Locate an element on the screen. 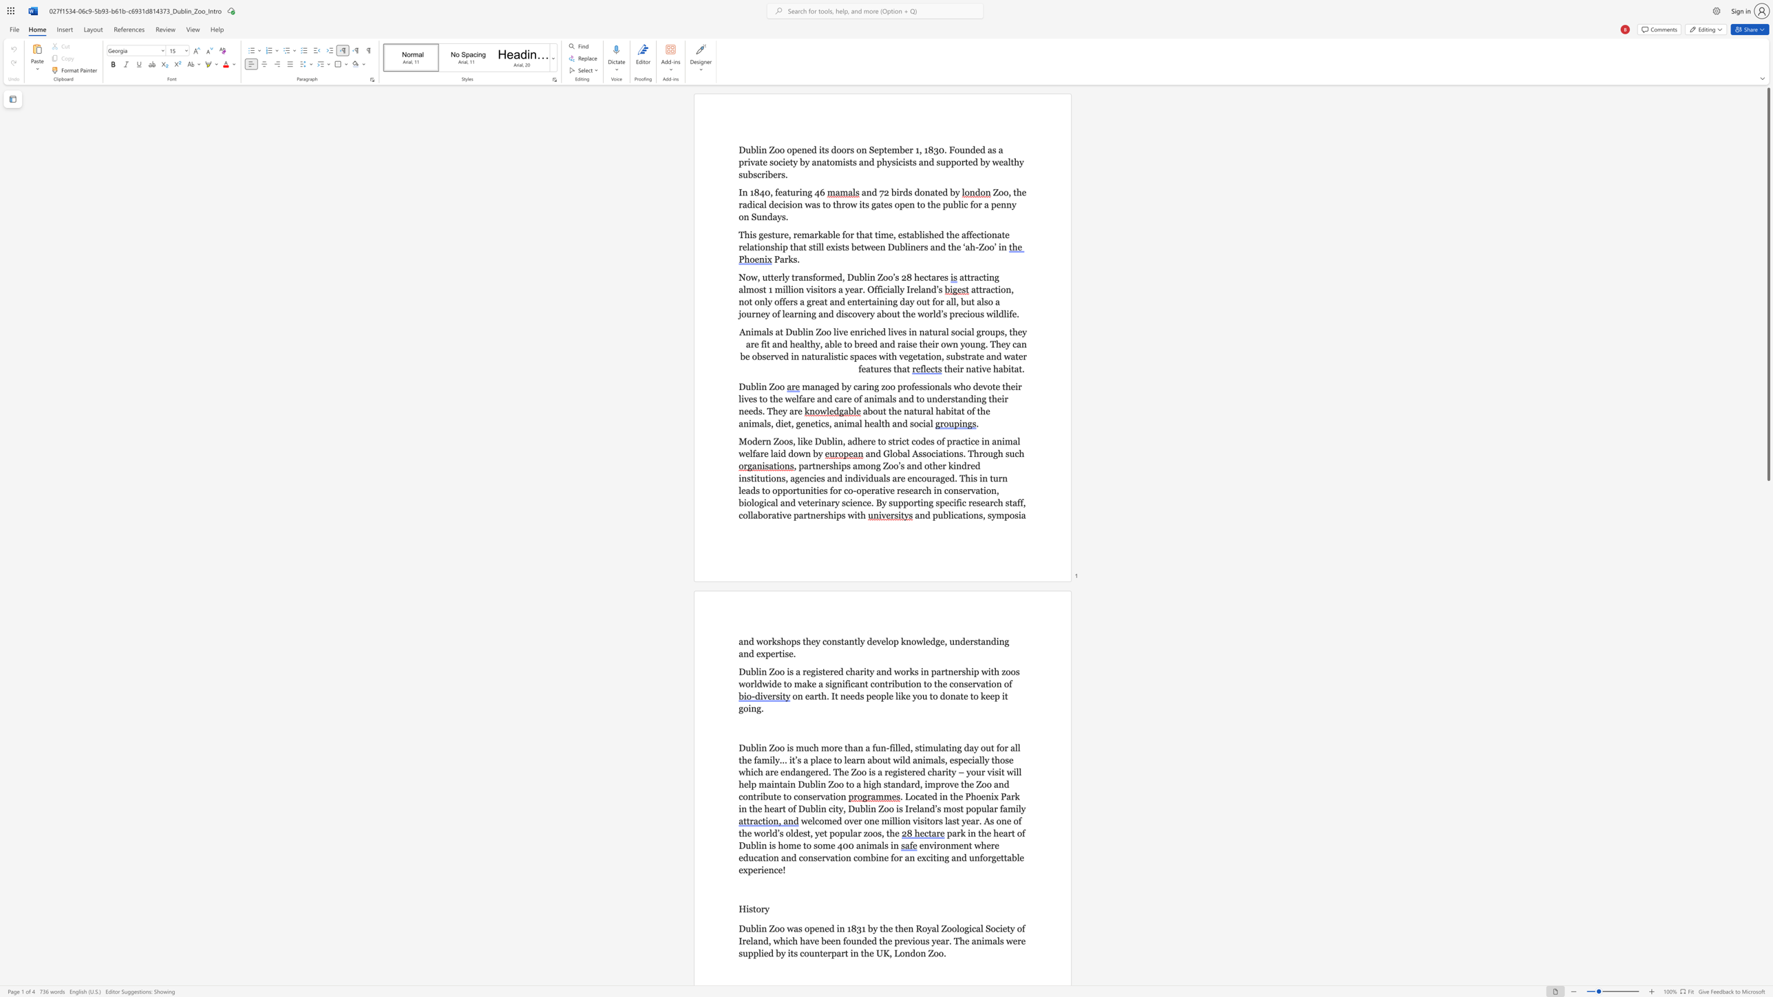 The width and height of the screenshot is (1773, 997). the 2th character "r" in the text is located at coordinates (795, 235).